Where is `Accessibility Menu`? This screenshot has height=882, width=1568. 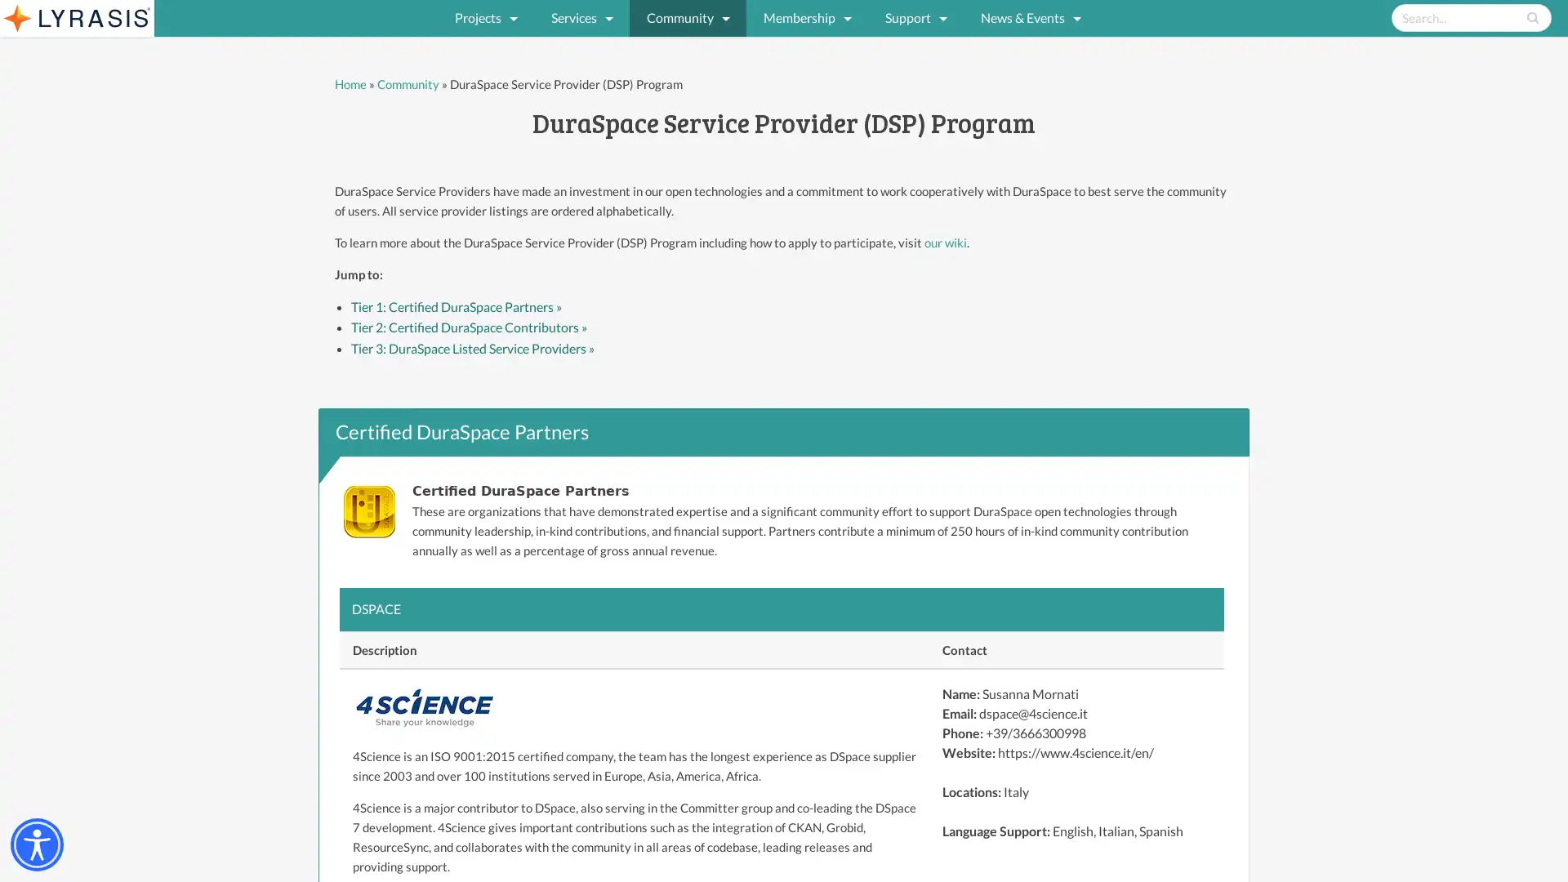
Accessibility Menu is located at coordinates (37, 844).